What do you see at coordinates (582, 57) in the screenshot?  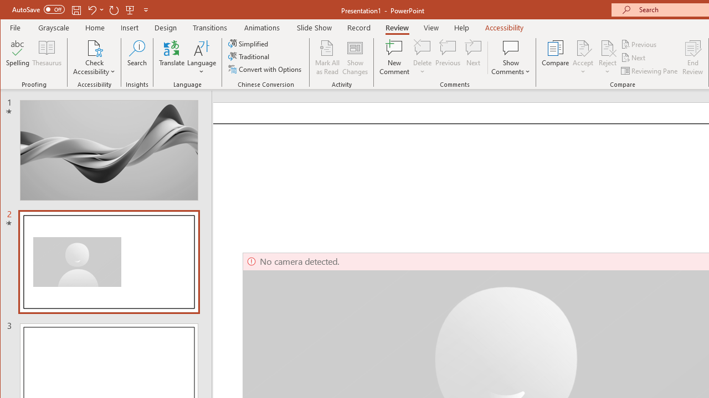 I see `'Accept'` at bounding box center [582, 57].